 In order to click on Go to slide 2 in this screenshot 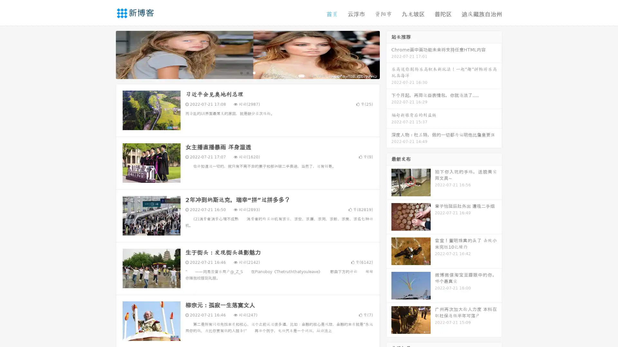, I will do `click(247, 72)`.